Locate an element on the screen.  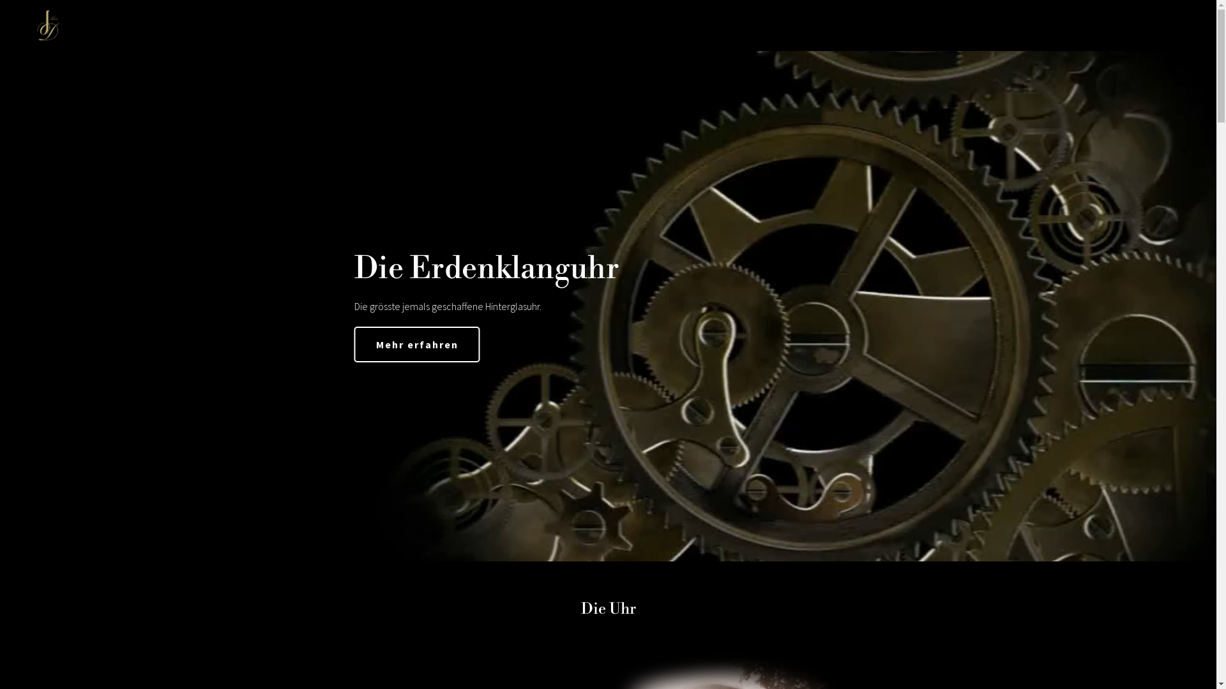
'Mehr erfahren' is located at coordinates (416, 344).